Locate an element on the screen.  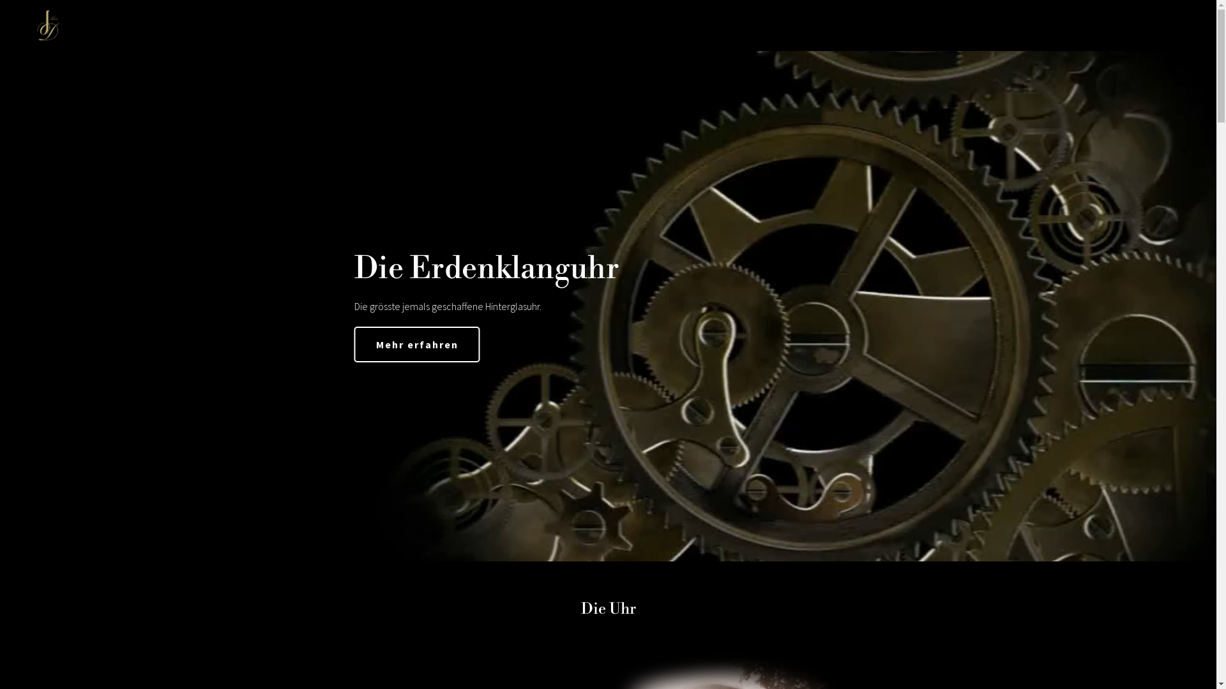
'Mehr erfahren' is located at coordinates (416, 344).